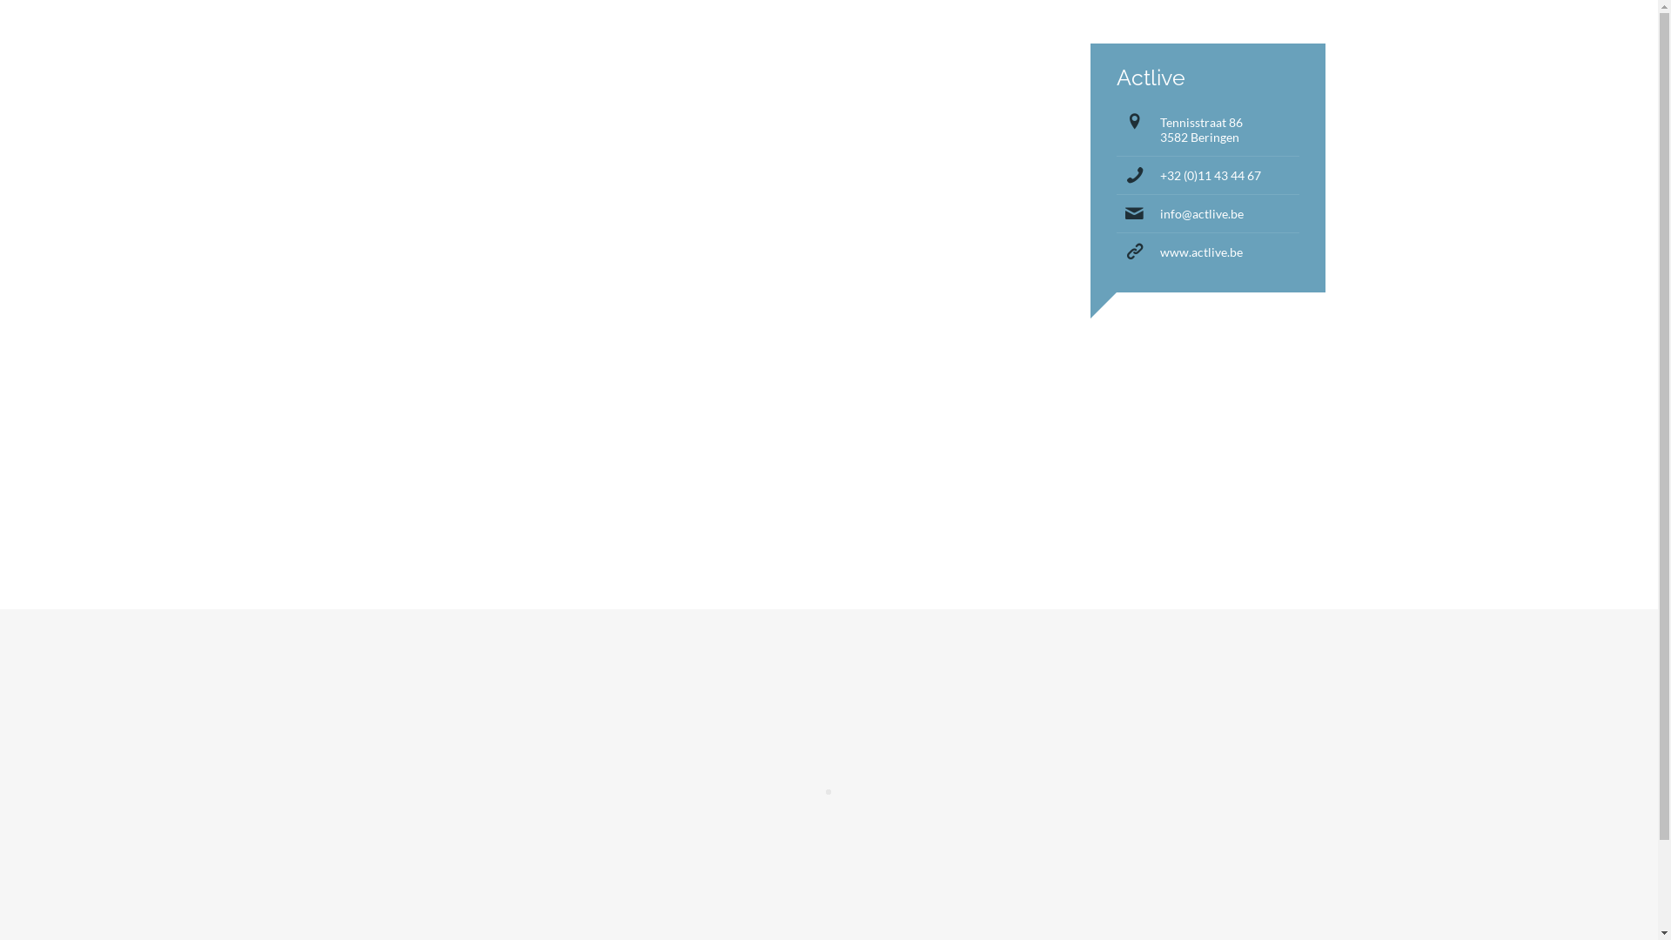 The height and width of the screenshot is (940, 1671). I want to click on 'www.actlive.be', so click(1199, 252).